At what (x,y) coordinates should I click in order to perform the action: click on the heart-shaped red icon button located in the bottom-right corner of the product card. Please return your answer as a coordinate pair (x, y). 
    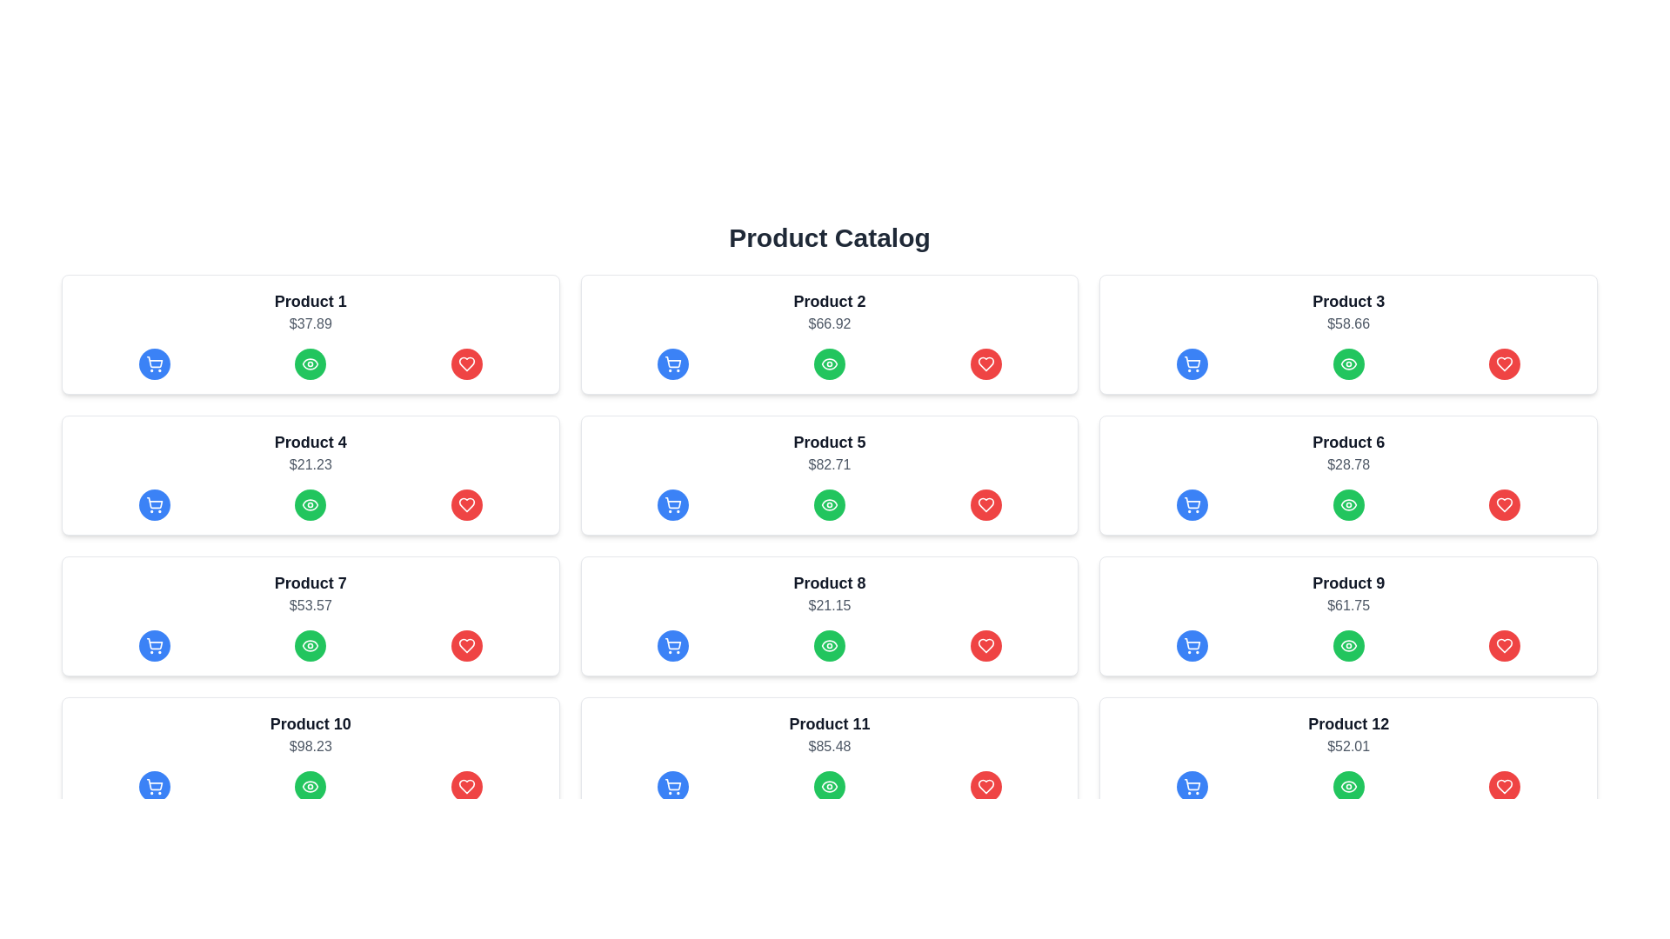
    Looking at the image, I should click on (466, 787).